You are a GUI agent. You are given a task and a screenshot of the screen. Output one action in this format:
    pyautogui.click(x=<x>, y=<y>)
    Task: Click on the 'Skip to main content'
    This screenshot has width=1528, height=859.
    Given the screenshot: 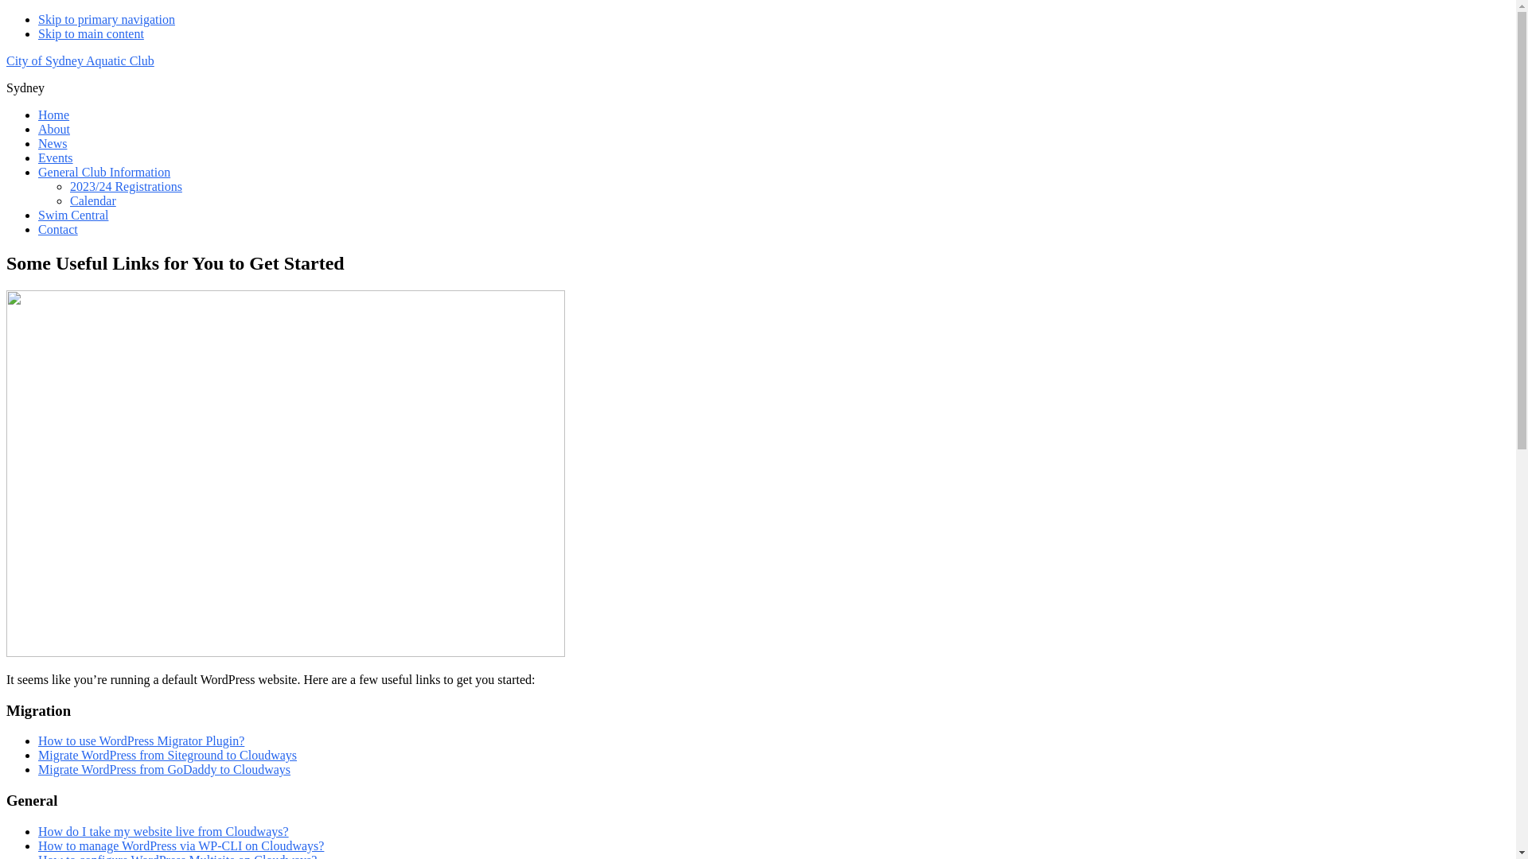 What is the action you would take?
    pyautogui.click(x=90, y=33)
    